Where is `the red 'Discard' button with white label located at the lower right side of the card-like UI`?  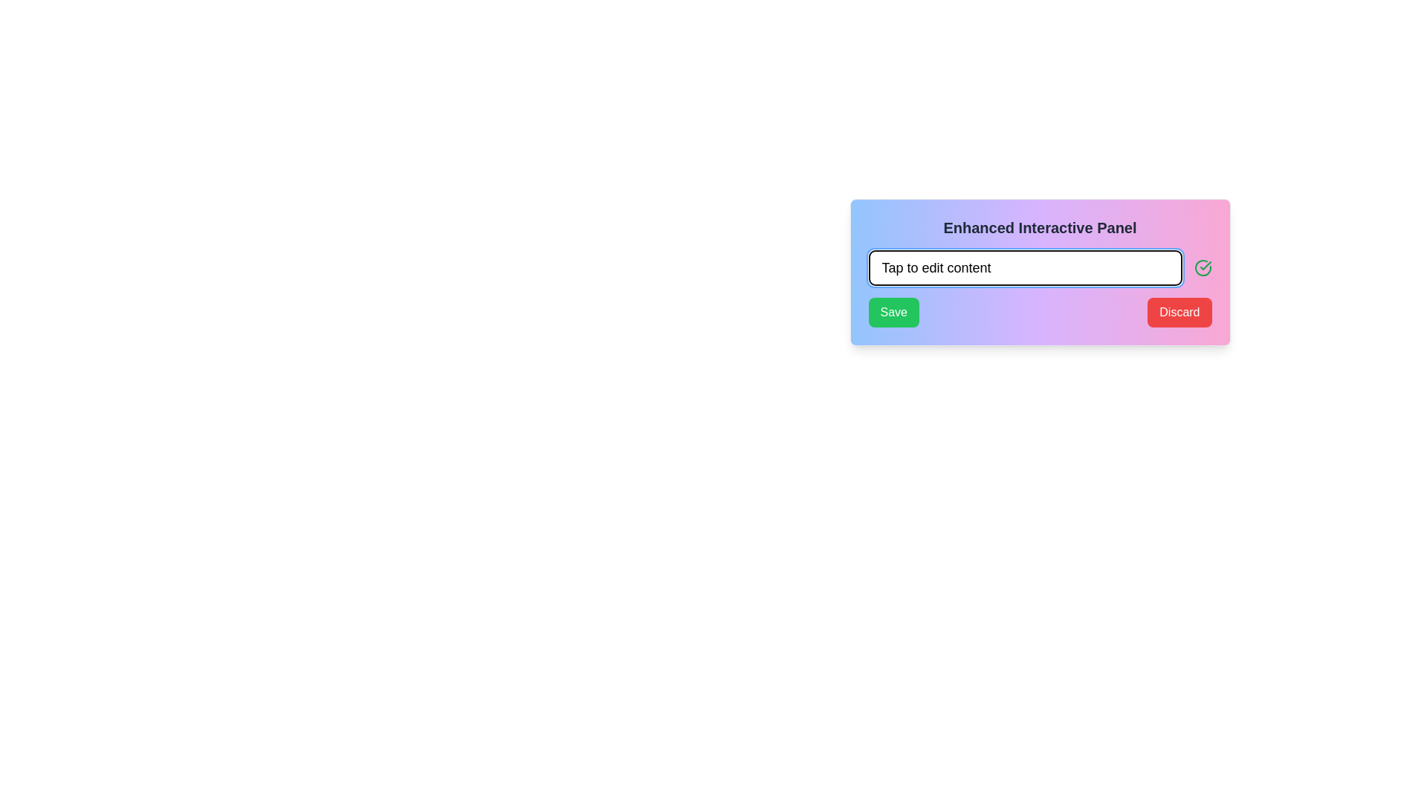 the red 'Discard' button with white label located at the lower right side of the card-like UI is located at coordinates (1179, 311).